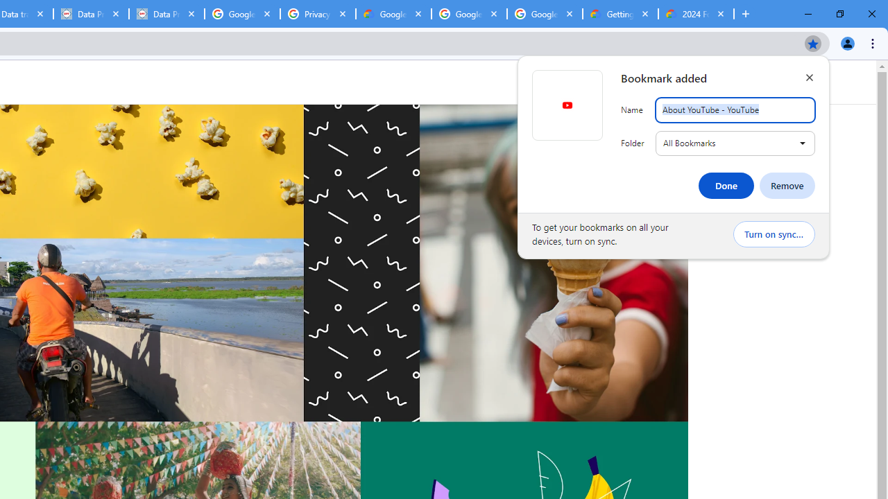  What do you see at coordinates (469, 14) in the screenshot?
I see `'Google Workspace - Specific Terms'` at bounding box center [469, 14].